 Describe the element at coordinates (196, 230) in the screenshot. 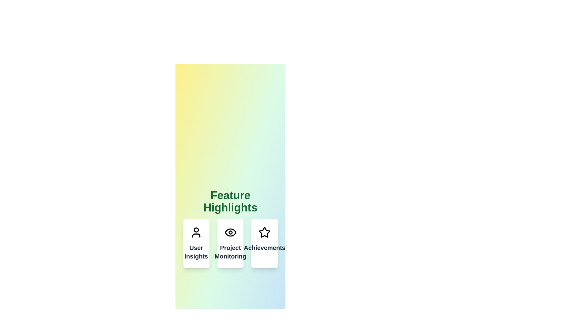

I see `the circle component of the user profile icon, which visually represents the user's head, located in the first card of the 'Feature Highlights' section` at that location.